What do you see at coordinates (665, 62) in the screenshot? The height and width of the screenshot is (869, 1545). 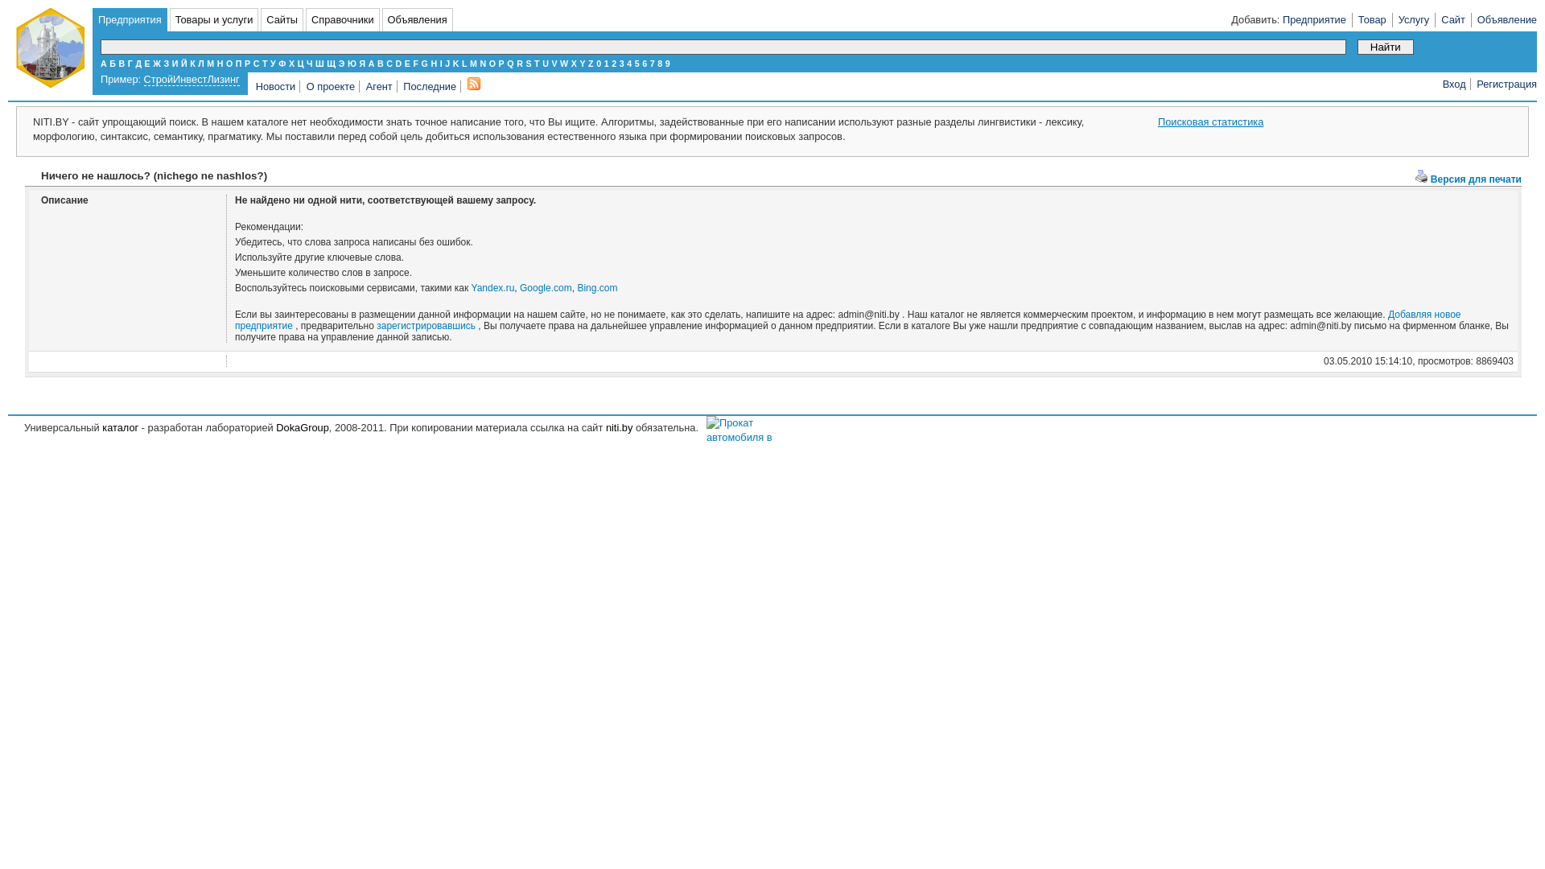 I see `'9'` at bounding box center [665, 62].